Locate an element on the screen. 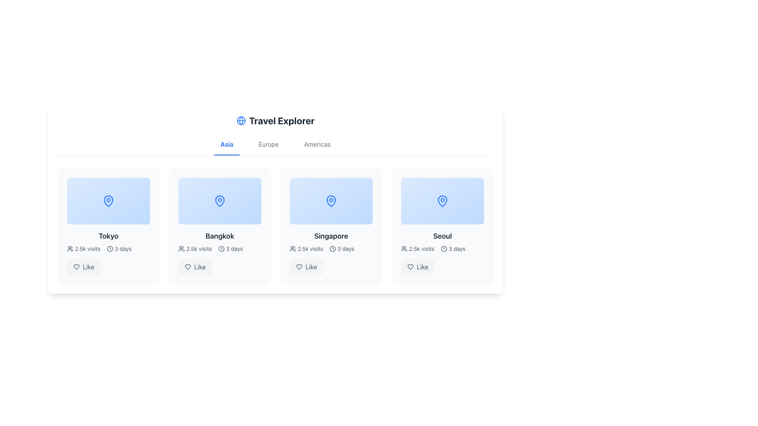  the icon representing multiple users located to the left of the text '2.5k visits' within the second item (Singapore) of a grid layout is located at coordinates (293, 249).